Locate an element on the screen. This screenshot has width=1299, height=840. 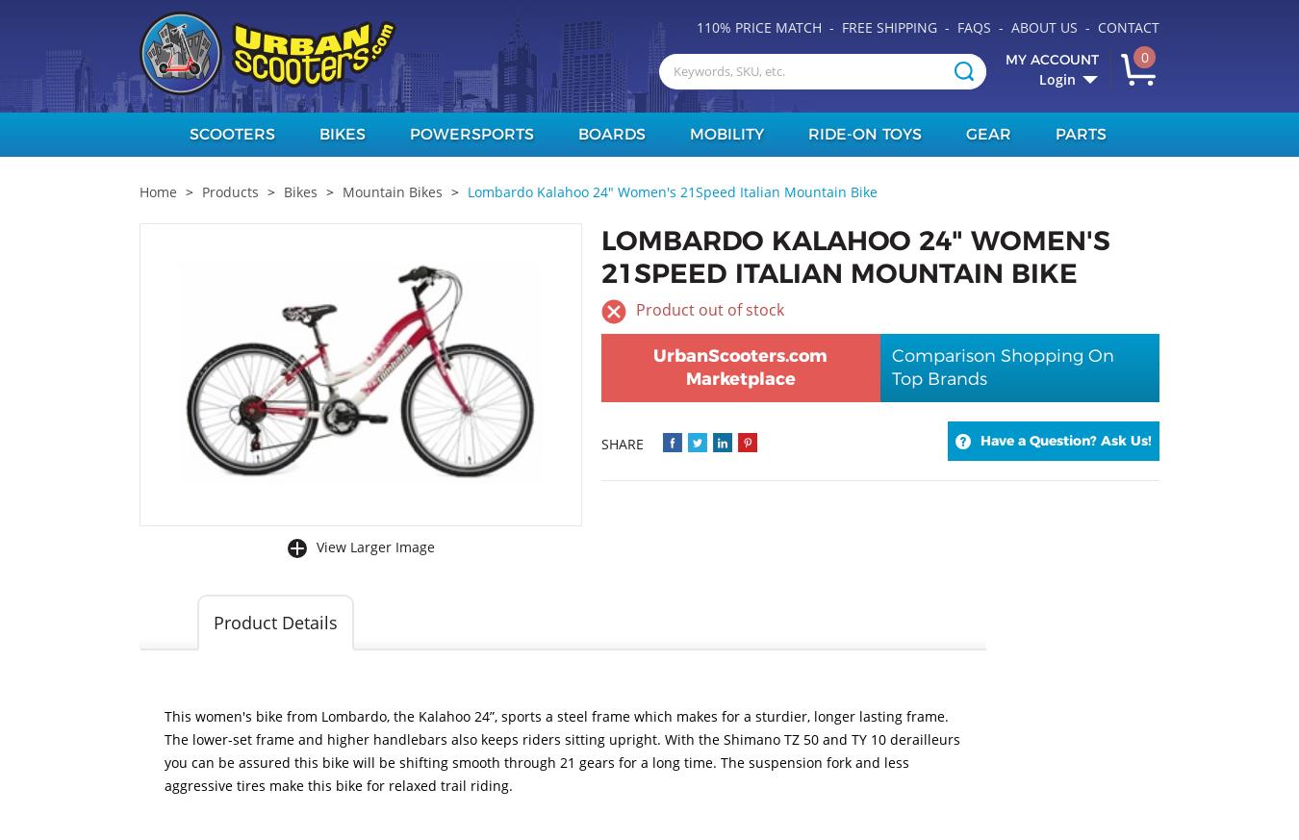
'Powersports' is located at coordinates (470, 134).